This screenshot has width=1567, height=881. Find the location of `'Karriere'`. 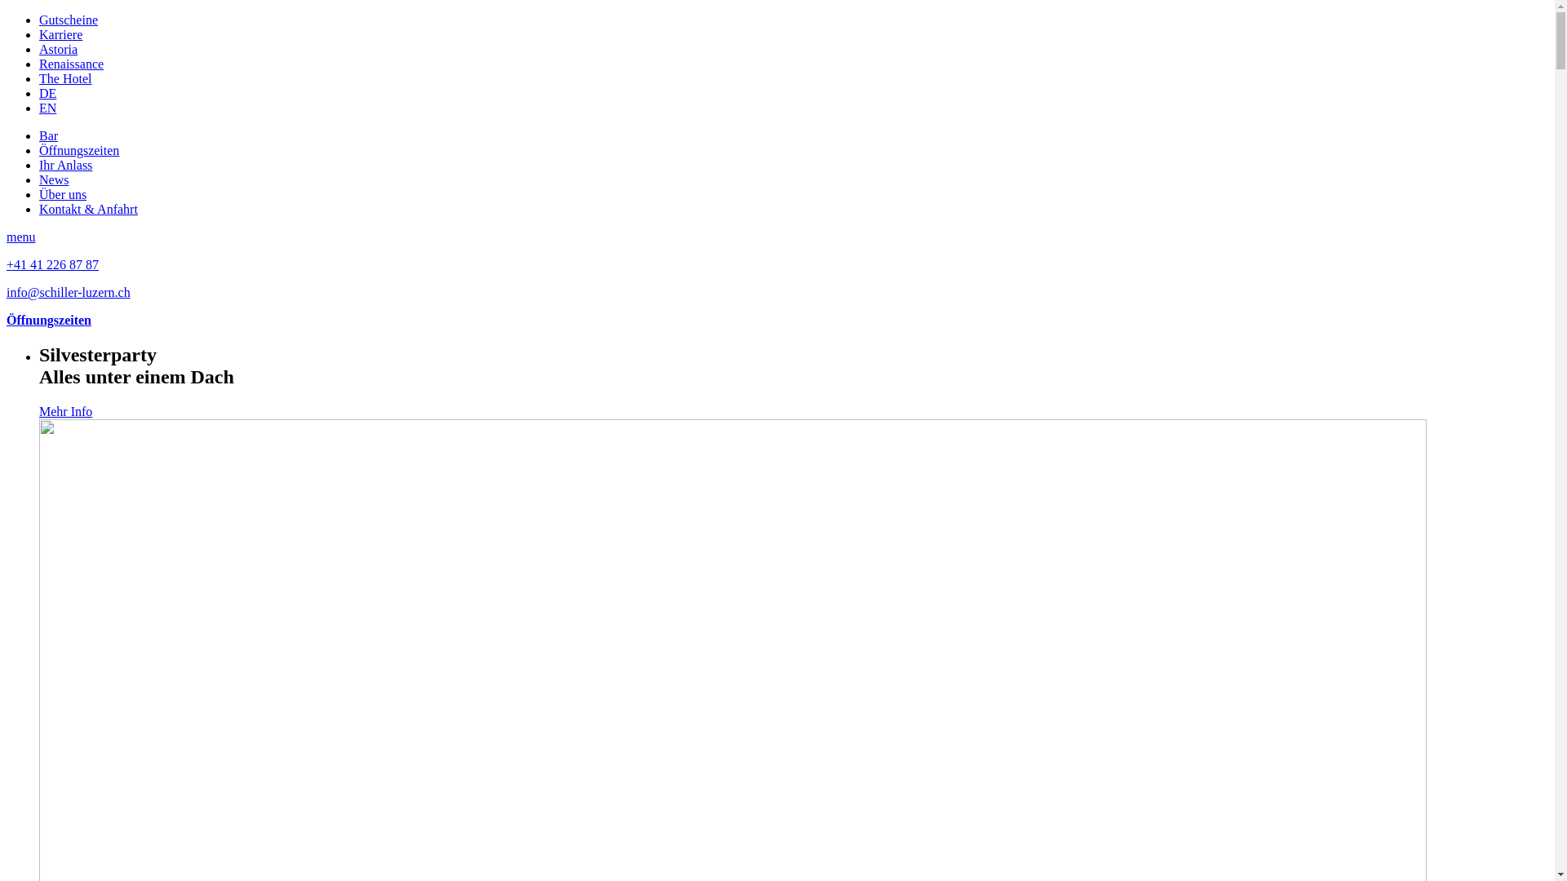

'Karriere' is located at coordinates (60, 34).